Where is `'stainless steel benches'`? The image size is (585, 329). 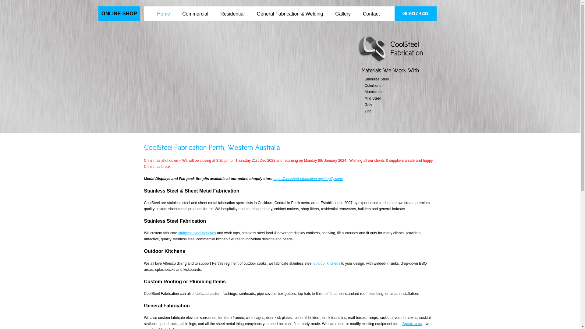
'stainless steel benches' is located at coordinates (197, 233).